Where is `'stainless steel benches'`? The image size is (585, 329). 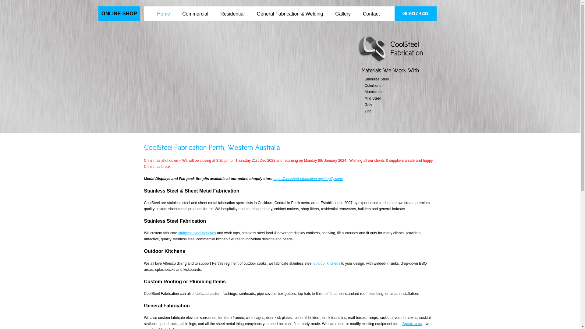
'stainless steel benches' is located at coordinates (197, 233).